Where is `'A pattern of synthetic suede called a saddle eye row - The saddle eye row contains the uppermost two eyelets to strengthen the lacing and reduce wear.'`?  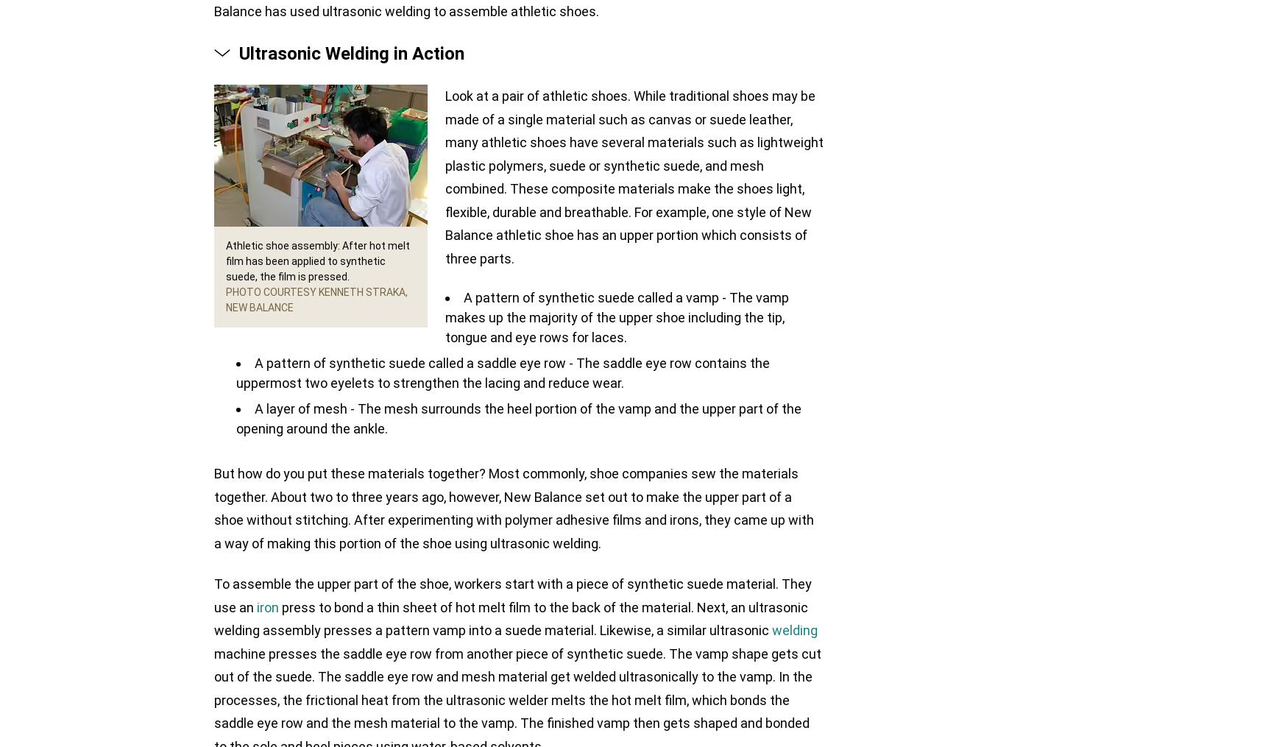 'A pattern of synthetic suede called a saddle eye row - The saddle eye row contains the uppermost two eyelets to strengthen the lacing and reduce wear.' is located at coordinates (502, 372).